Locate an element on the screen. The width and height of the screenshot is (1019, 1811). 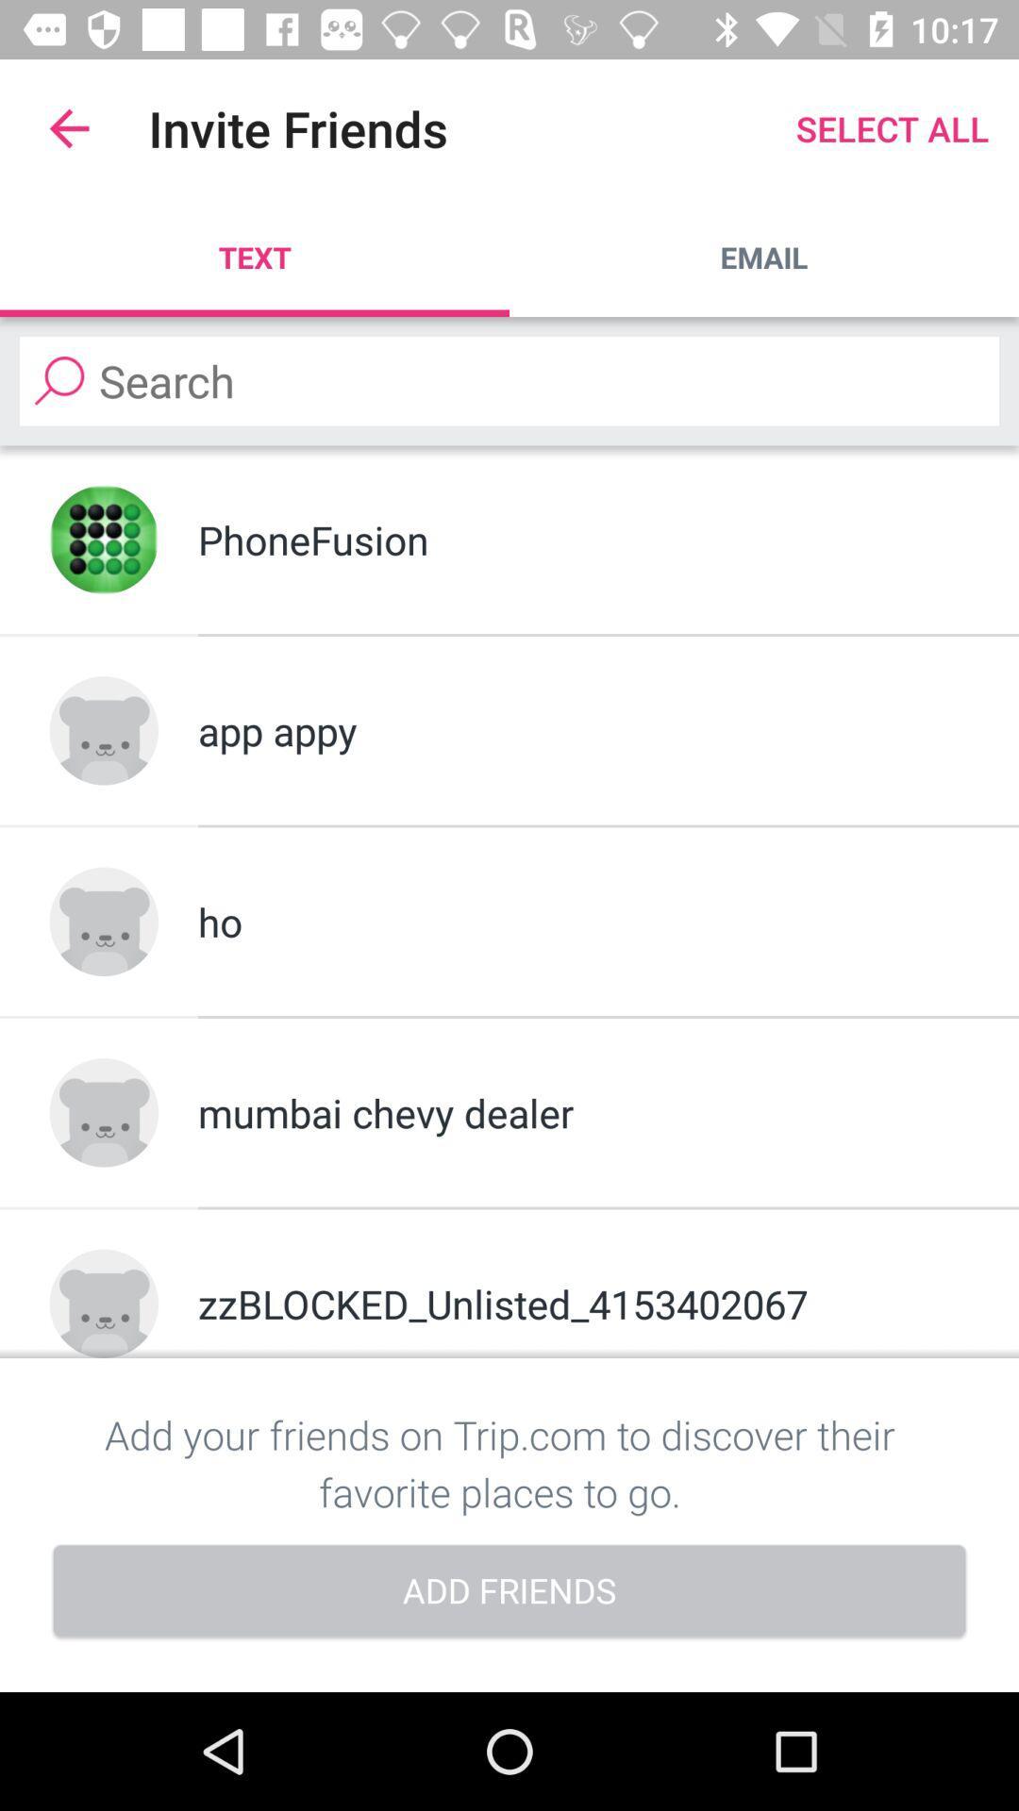
icon above zzblocked_unlisted_4153402067 is located at coordinates (582, 1112).